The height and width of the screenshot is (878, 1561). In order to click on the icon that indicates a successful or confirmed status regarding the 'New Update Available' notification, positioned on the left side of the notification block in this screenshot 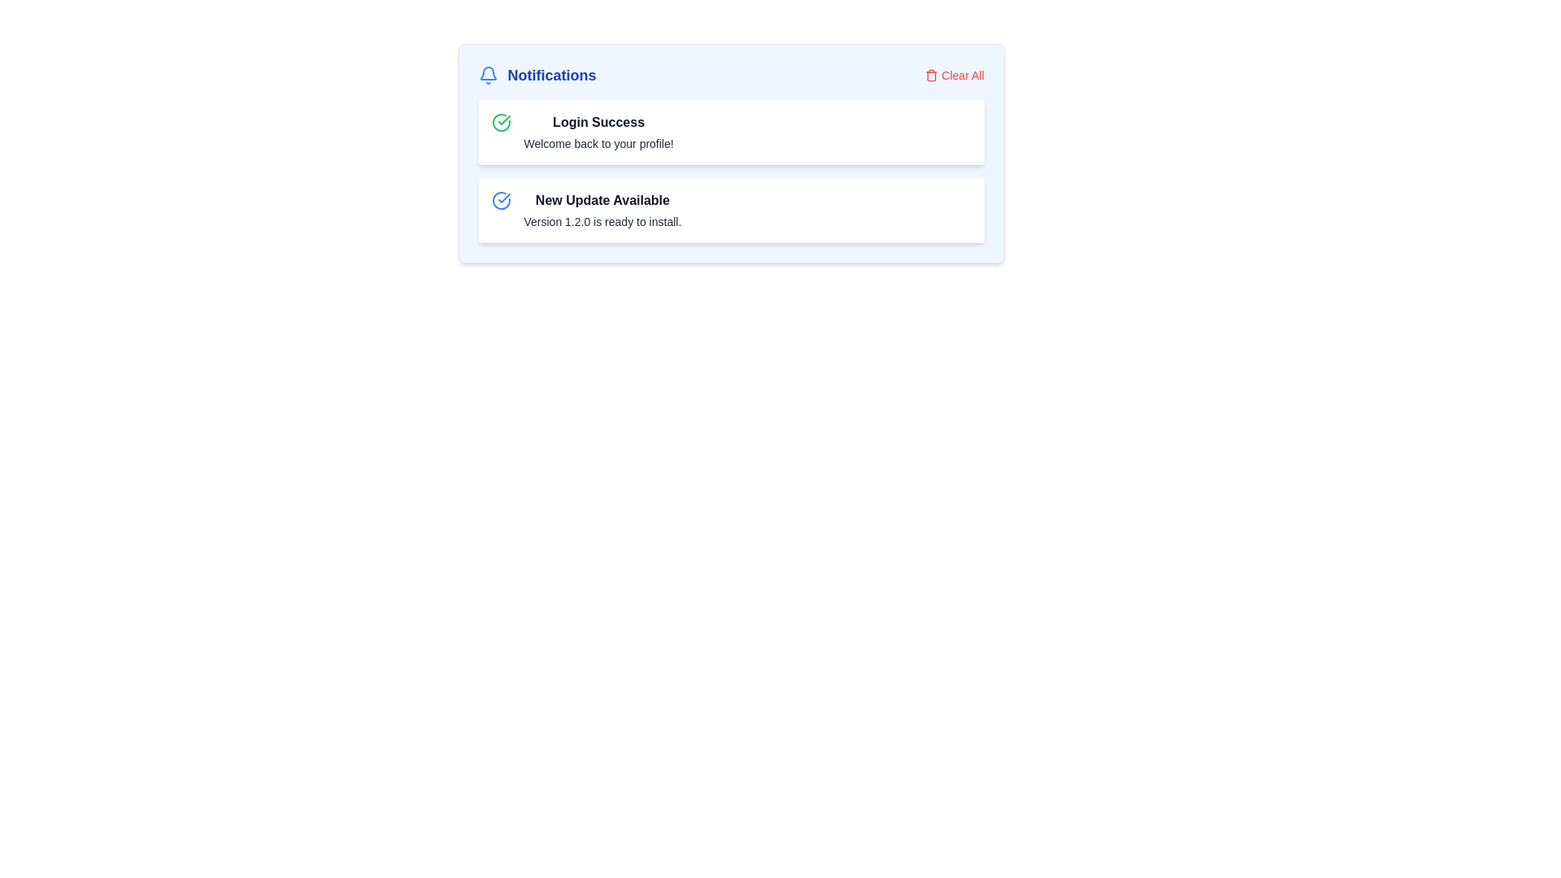, I will do `click(500, 199)`.